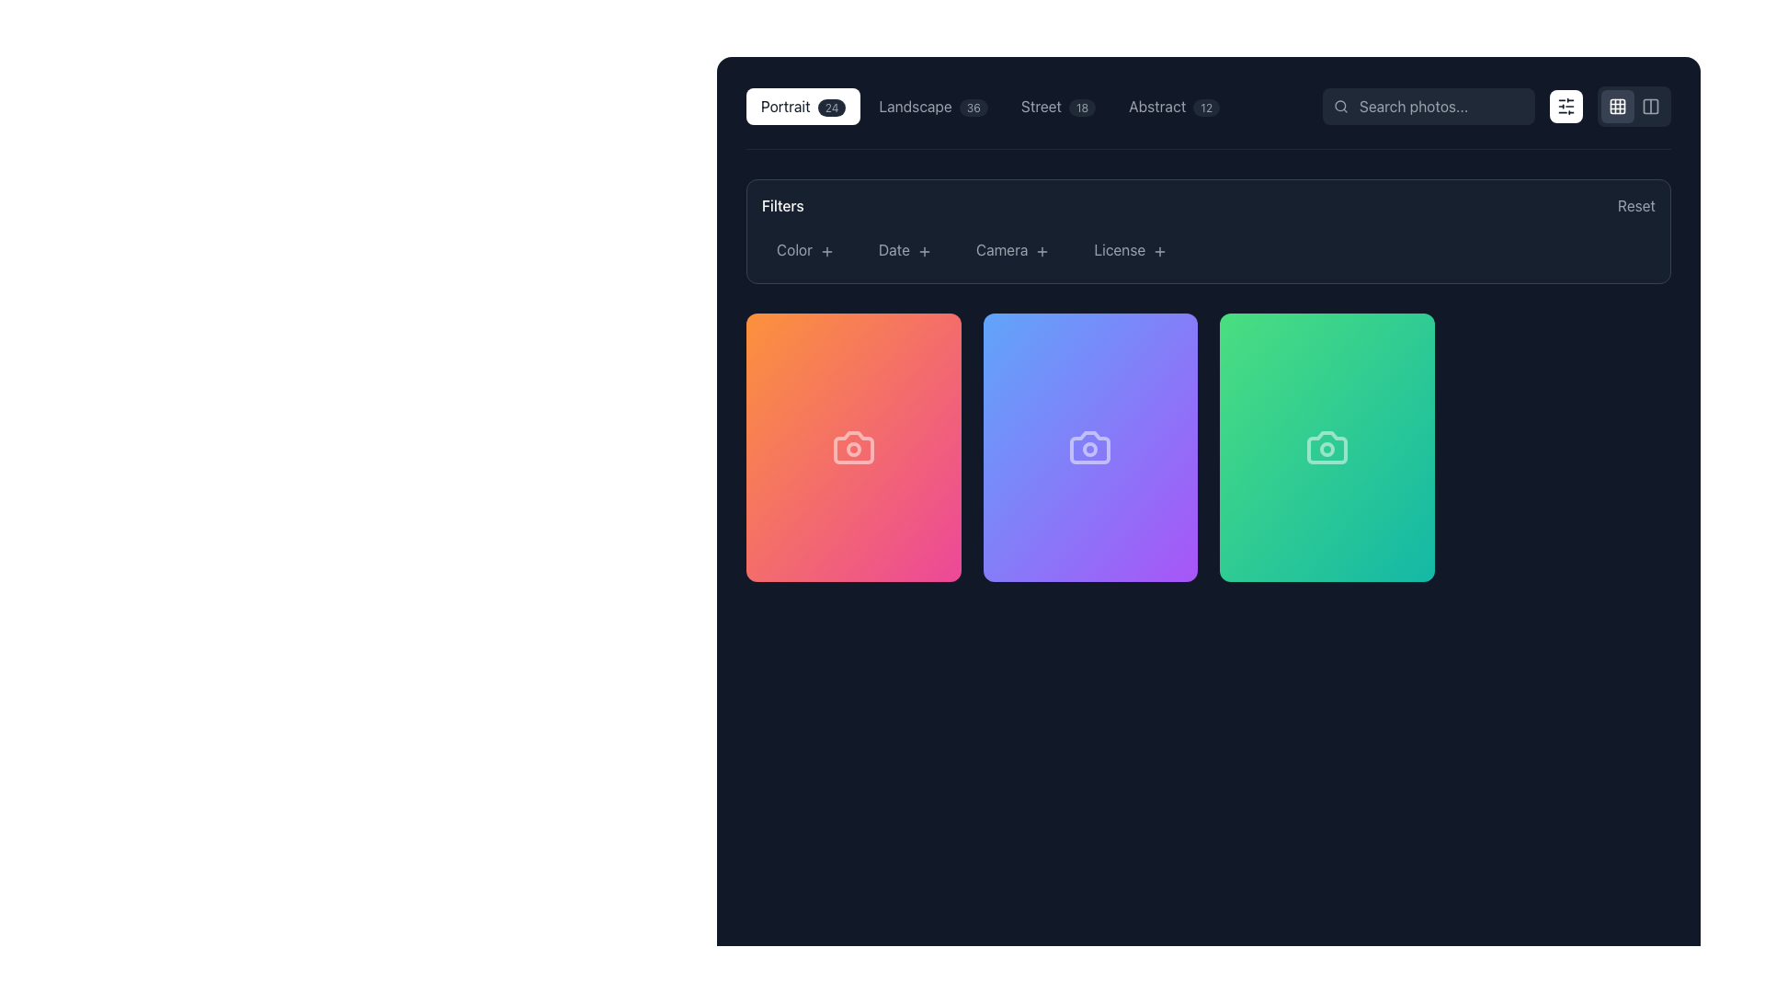 This screenshot has width=1765, height=993. What do you see at coordinates (1206, 108) in the screenshot?
I see `the small, rounded rectangle badge with a dark gray background and light gray text displaying the number '12', located to the right of the 'Abstract' text in the navigation bar` at bounding box center [1206, 108].